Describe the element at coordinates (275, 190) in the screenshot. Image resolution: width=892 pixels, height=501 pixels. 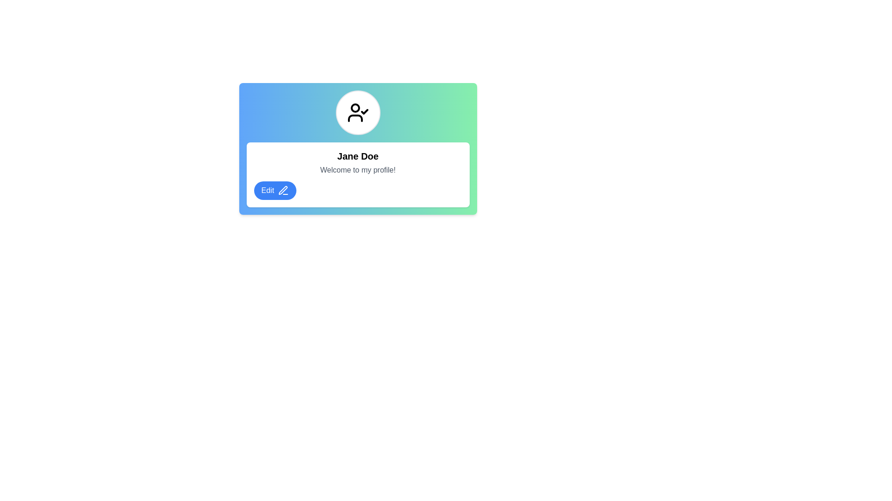
I see `the edit button located at the bottom left of the card component` at that location.